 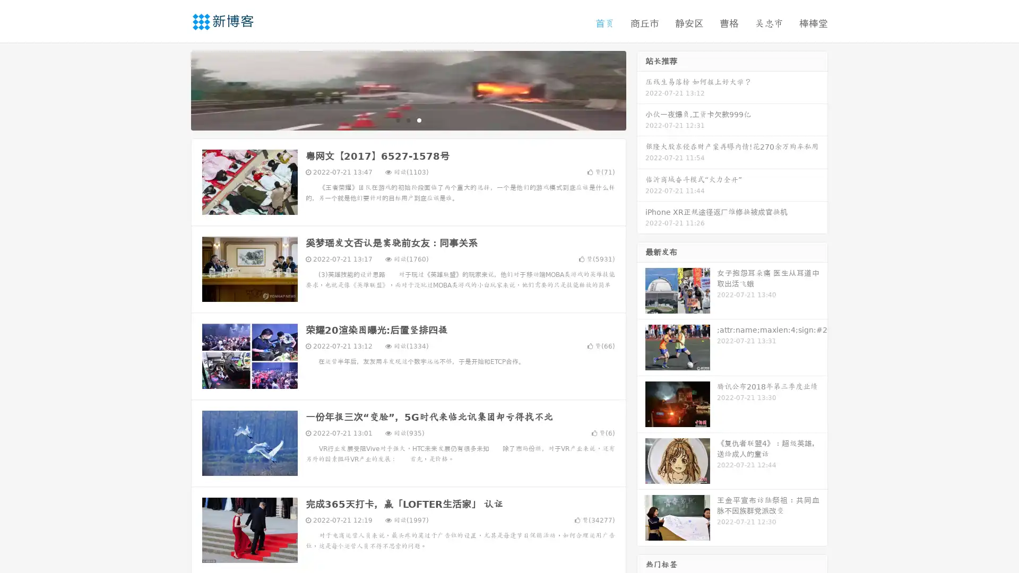 I want to click on Go to slide 3, so click(x=419, y=119).